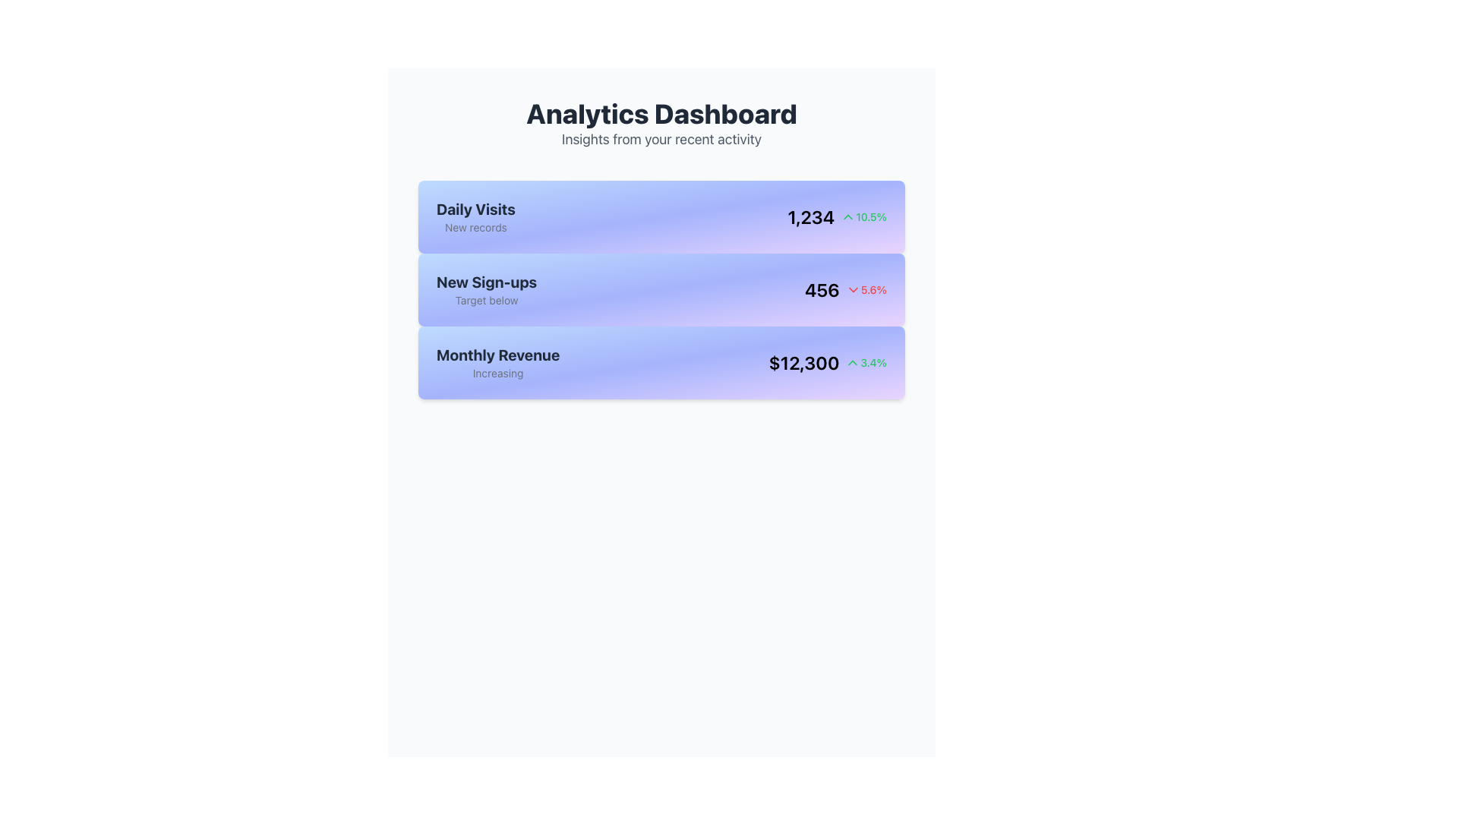 This screenshot has height=820, width=1458. Describe the element at coordinates (475, 228) in the screenshot. I see `the 'New records' text label, which is styled in a small, gray font and located below the 'Daily Visits' text in the first information card` at that location.